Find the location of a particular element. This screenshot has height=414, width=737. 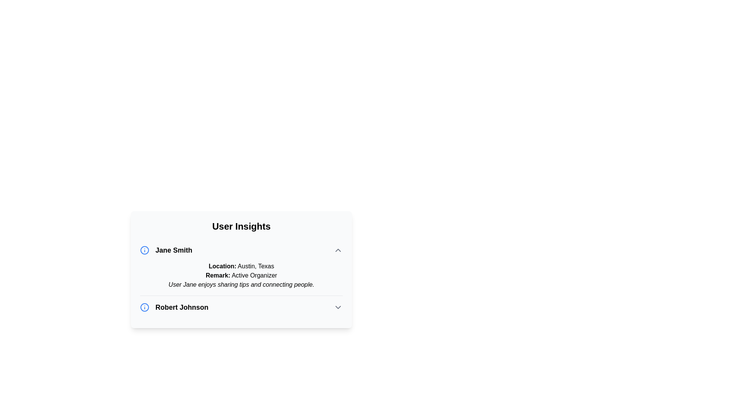

the static text label element reading 'Remark:' located within the 'User Insights' section, underneath the user name 'Jane Smith' is located at coordinates (218, 275).